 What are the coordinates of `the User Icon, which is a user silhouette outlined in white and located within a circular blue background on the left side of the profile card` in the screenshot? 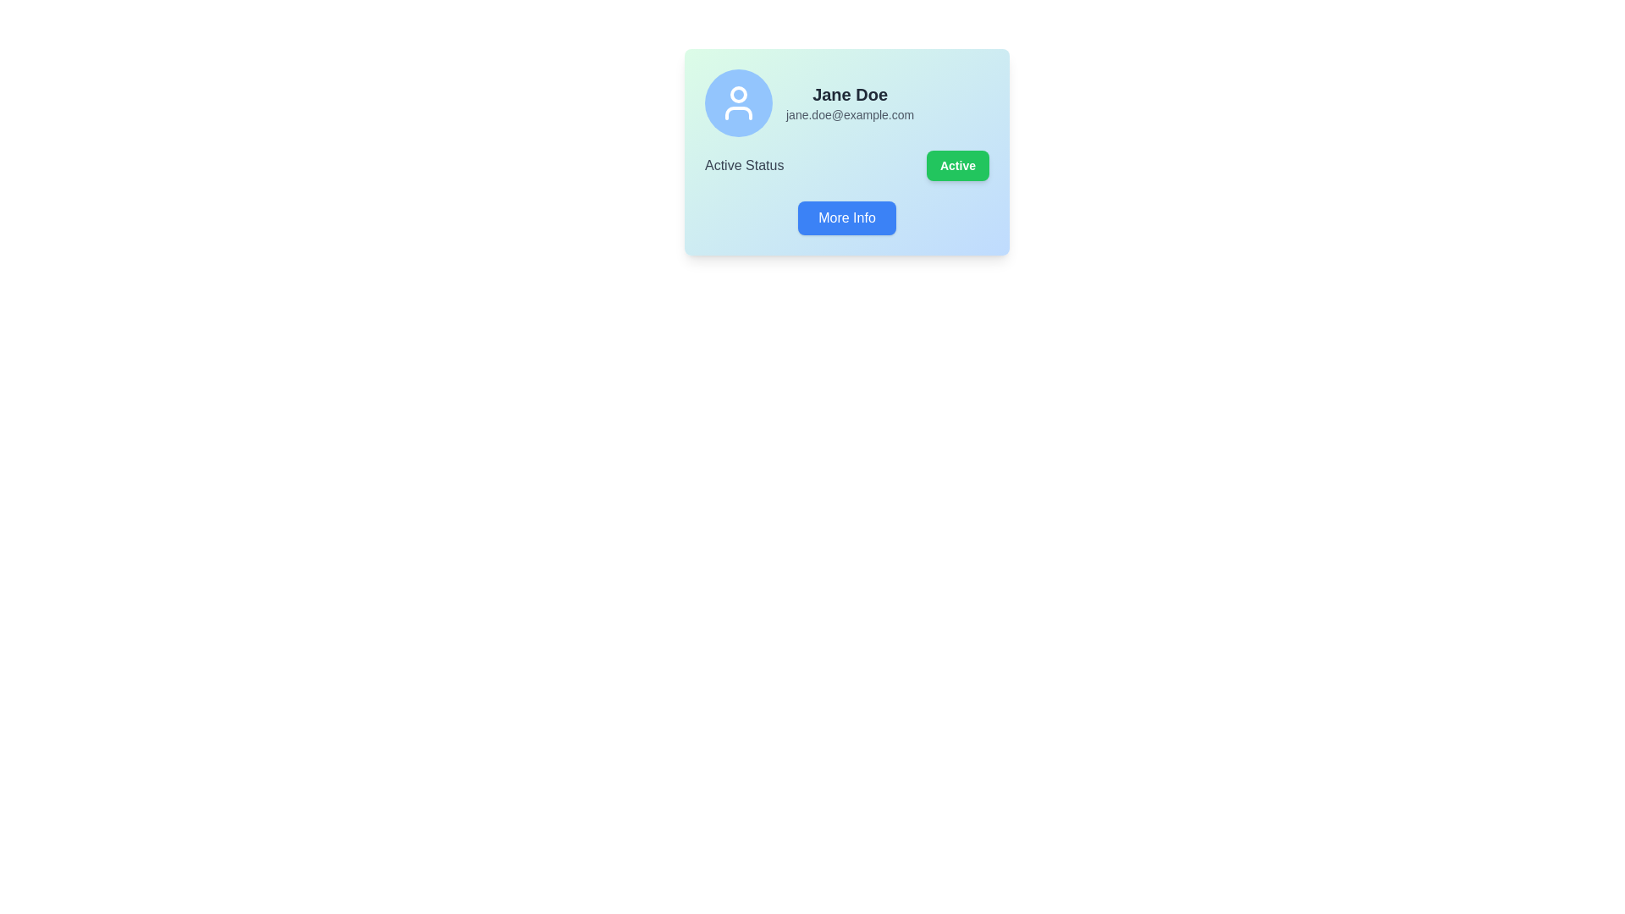 It's located at (739, 103).